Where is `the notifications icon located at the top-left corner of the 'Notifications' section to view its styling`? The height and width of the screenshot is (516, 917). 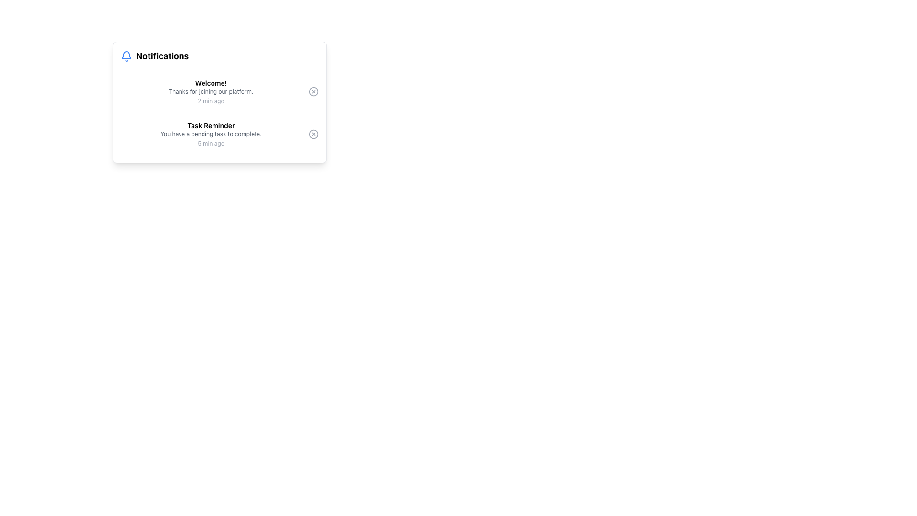
the notifications icon located at the top-left corner of the 'Notifications' section to view its styling is located at coordinates (126, 56).